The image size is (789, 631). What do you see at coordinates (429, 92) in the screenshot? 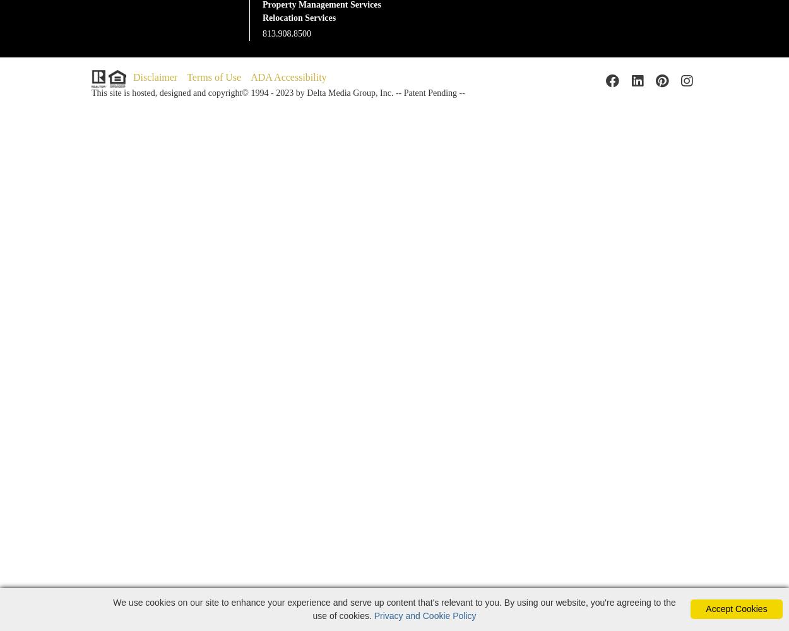
I see `'-- Patent Pending --'` at bounding box center [429, 92].